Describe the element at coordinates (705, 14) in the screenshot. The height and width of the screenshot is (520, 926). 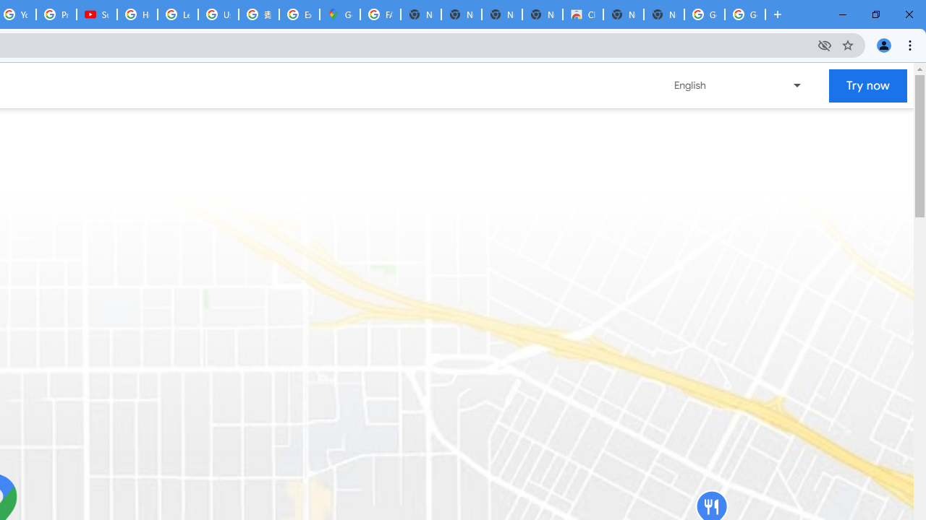
I see `'Google Images'` at that location.